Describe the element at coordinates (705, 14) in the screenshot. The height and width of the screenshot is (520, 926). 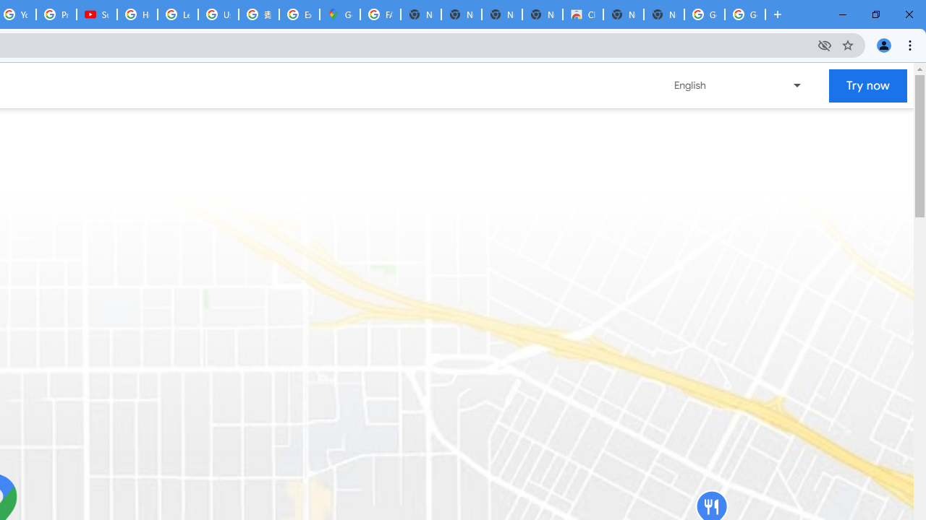
I see `'Google Images'` at that location.